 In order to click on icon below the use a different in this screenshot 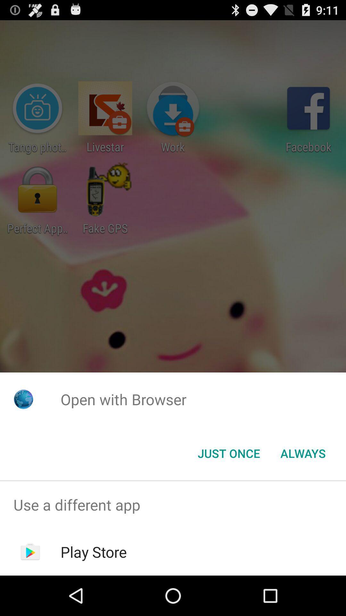, I will do `click(94, 552)`.